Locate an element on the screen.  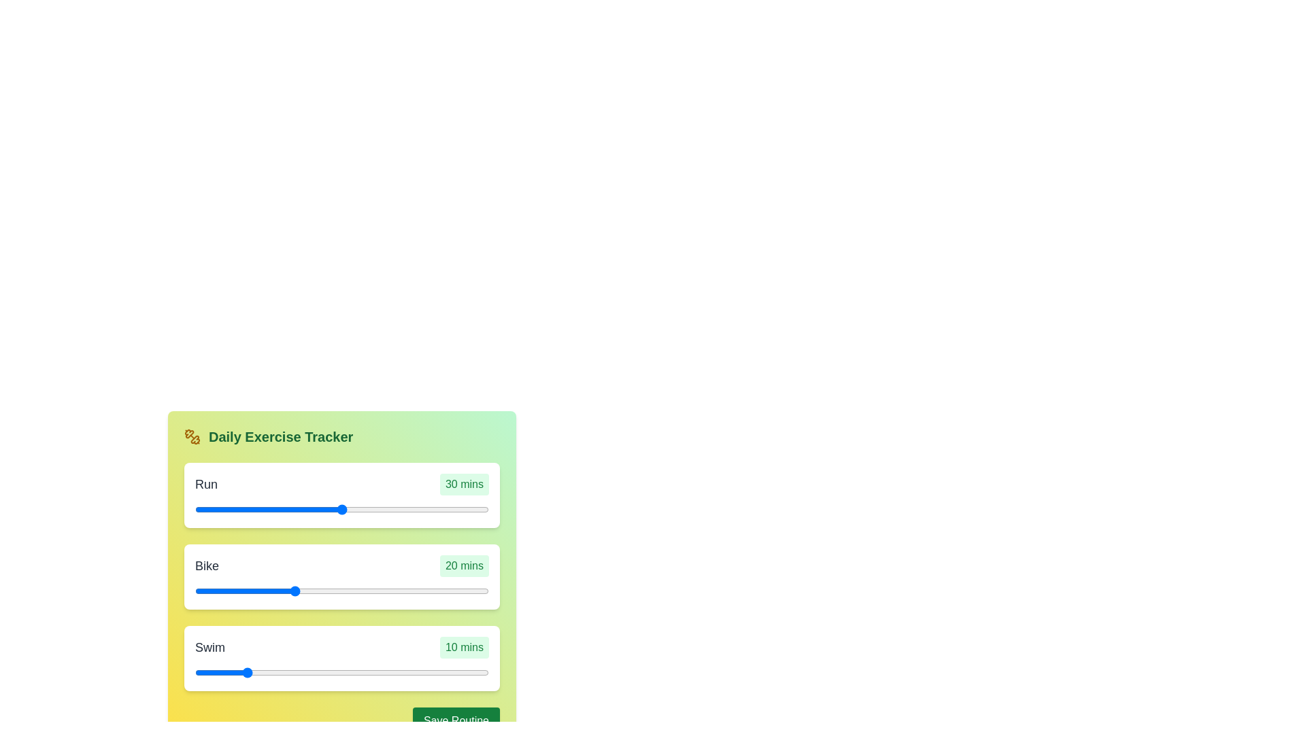
the header icon to interact with it is located at coordinates (192, 437).